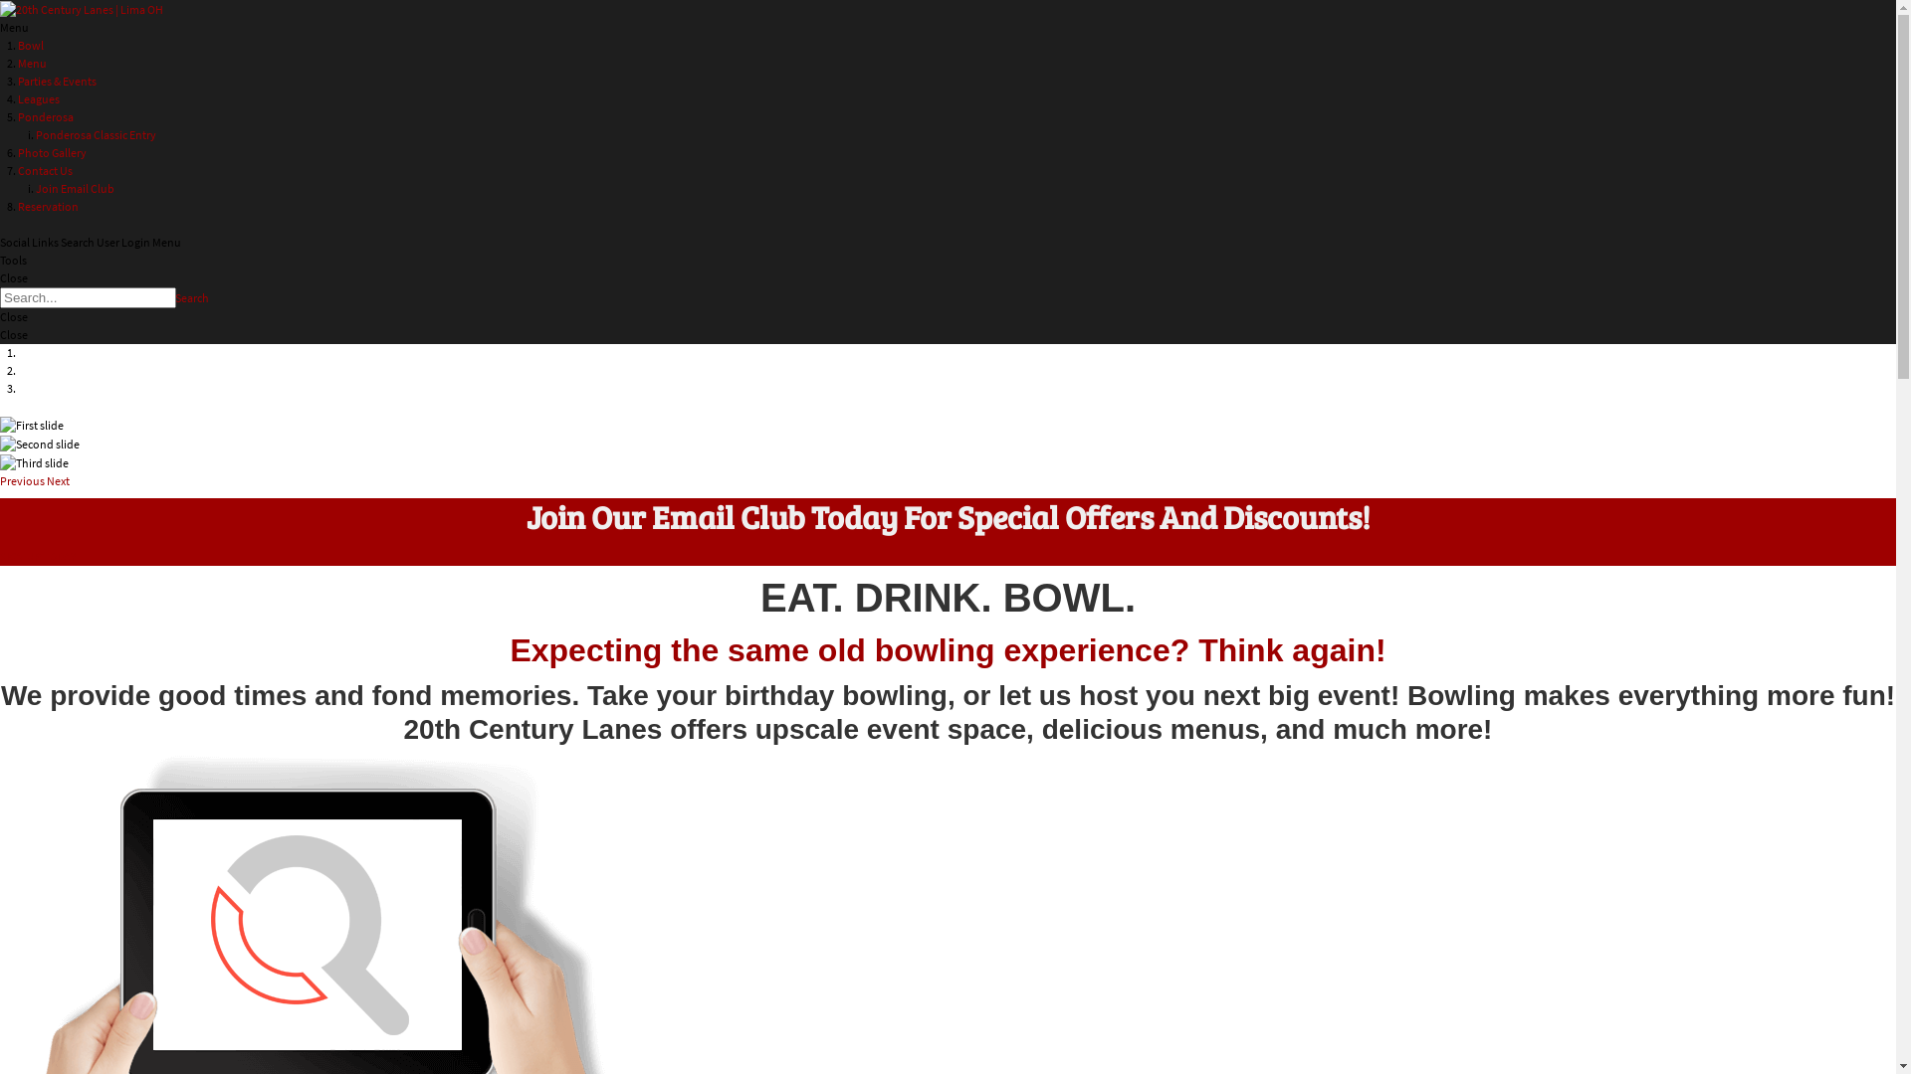 The width and height of the screenshot is (1911, 1074). What do you see at coordinates (191, 297) in the screenshot?
I see `'Search'` at bounding box center [191, 297].